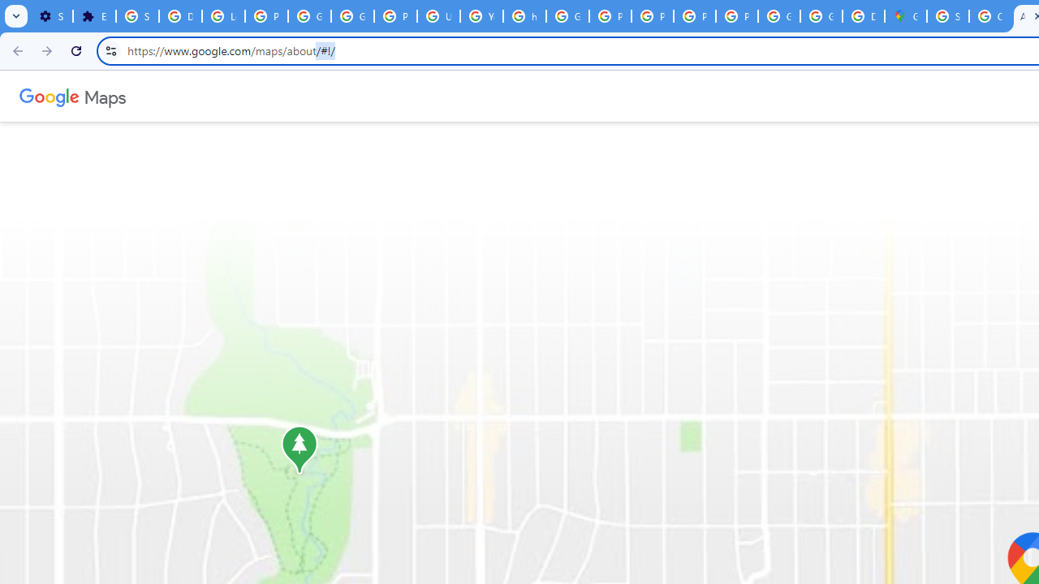 Image resolution: width=1039 pixels, height=584 pixels. Describe the element at coordinates (180, 16) in the screenshot. I see `'Delete photos & videos - Computer - Google Photos Help'` at that location.